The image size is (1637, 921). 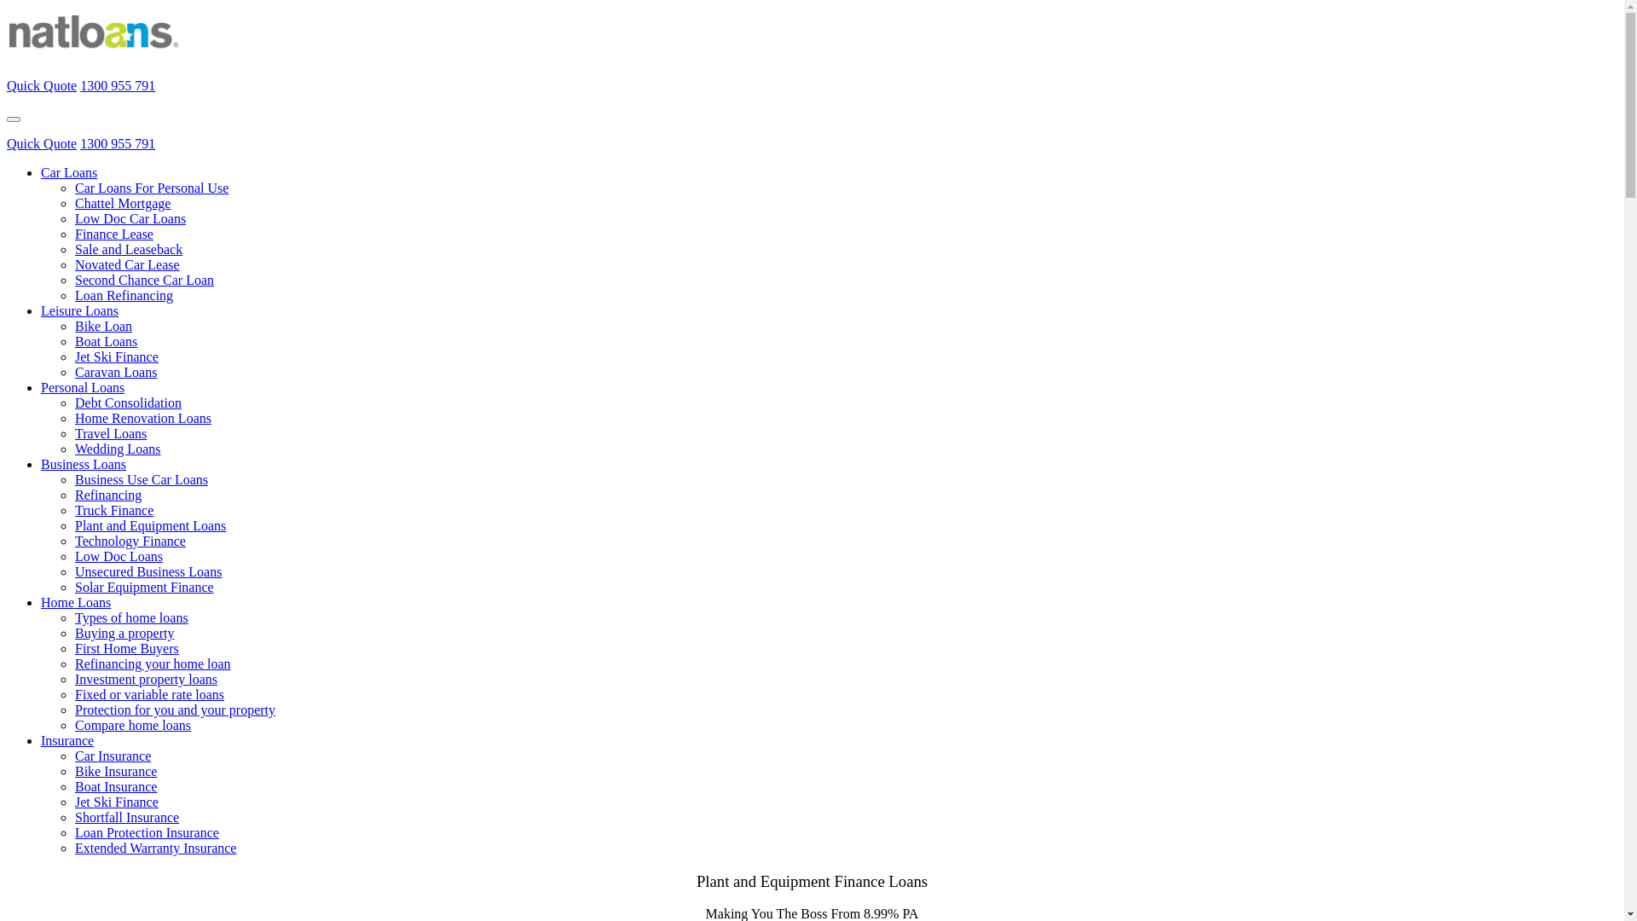 What do you see at coordinates (130, 617) in the screenshot?
I see `'Types of home loans'` at bounding box center [130, 617].